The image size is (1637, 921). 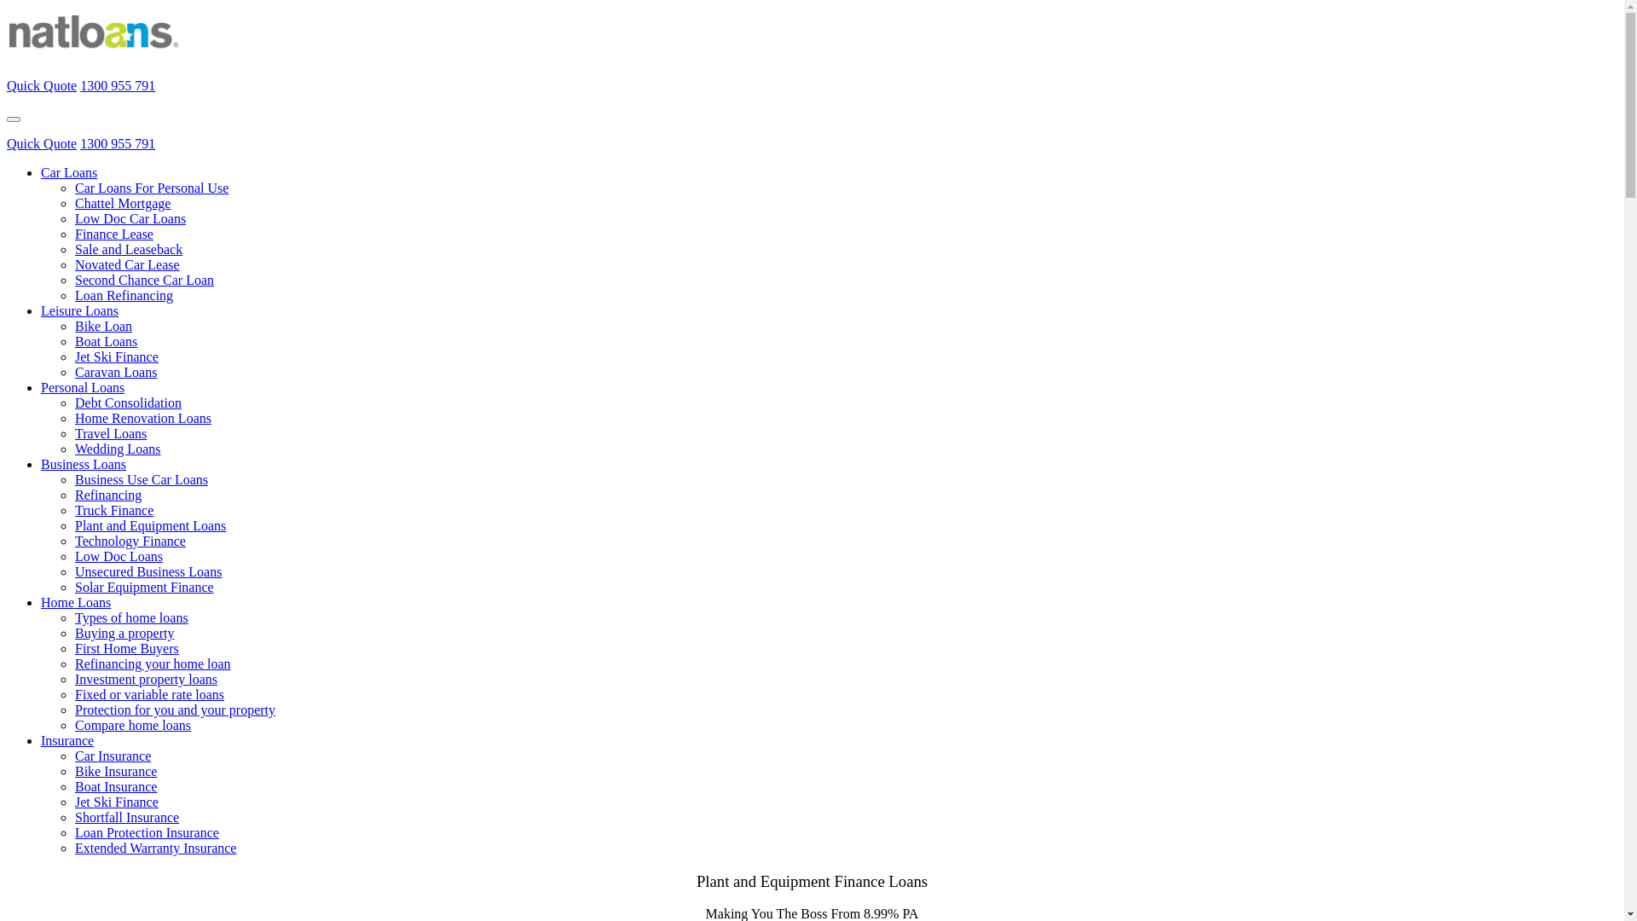 What do you see at coordinates (130, 617) in the screenshot?
I see `'Types of home loans'` at bounding box center [130, 617].